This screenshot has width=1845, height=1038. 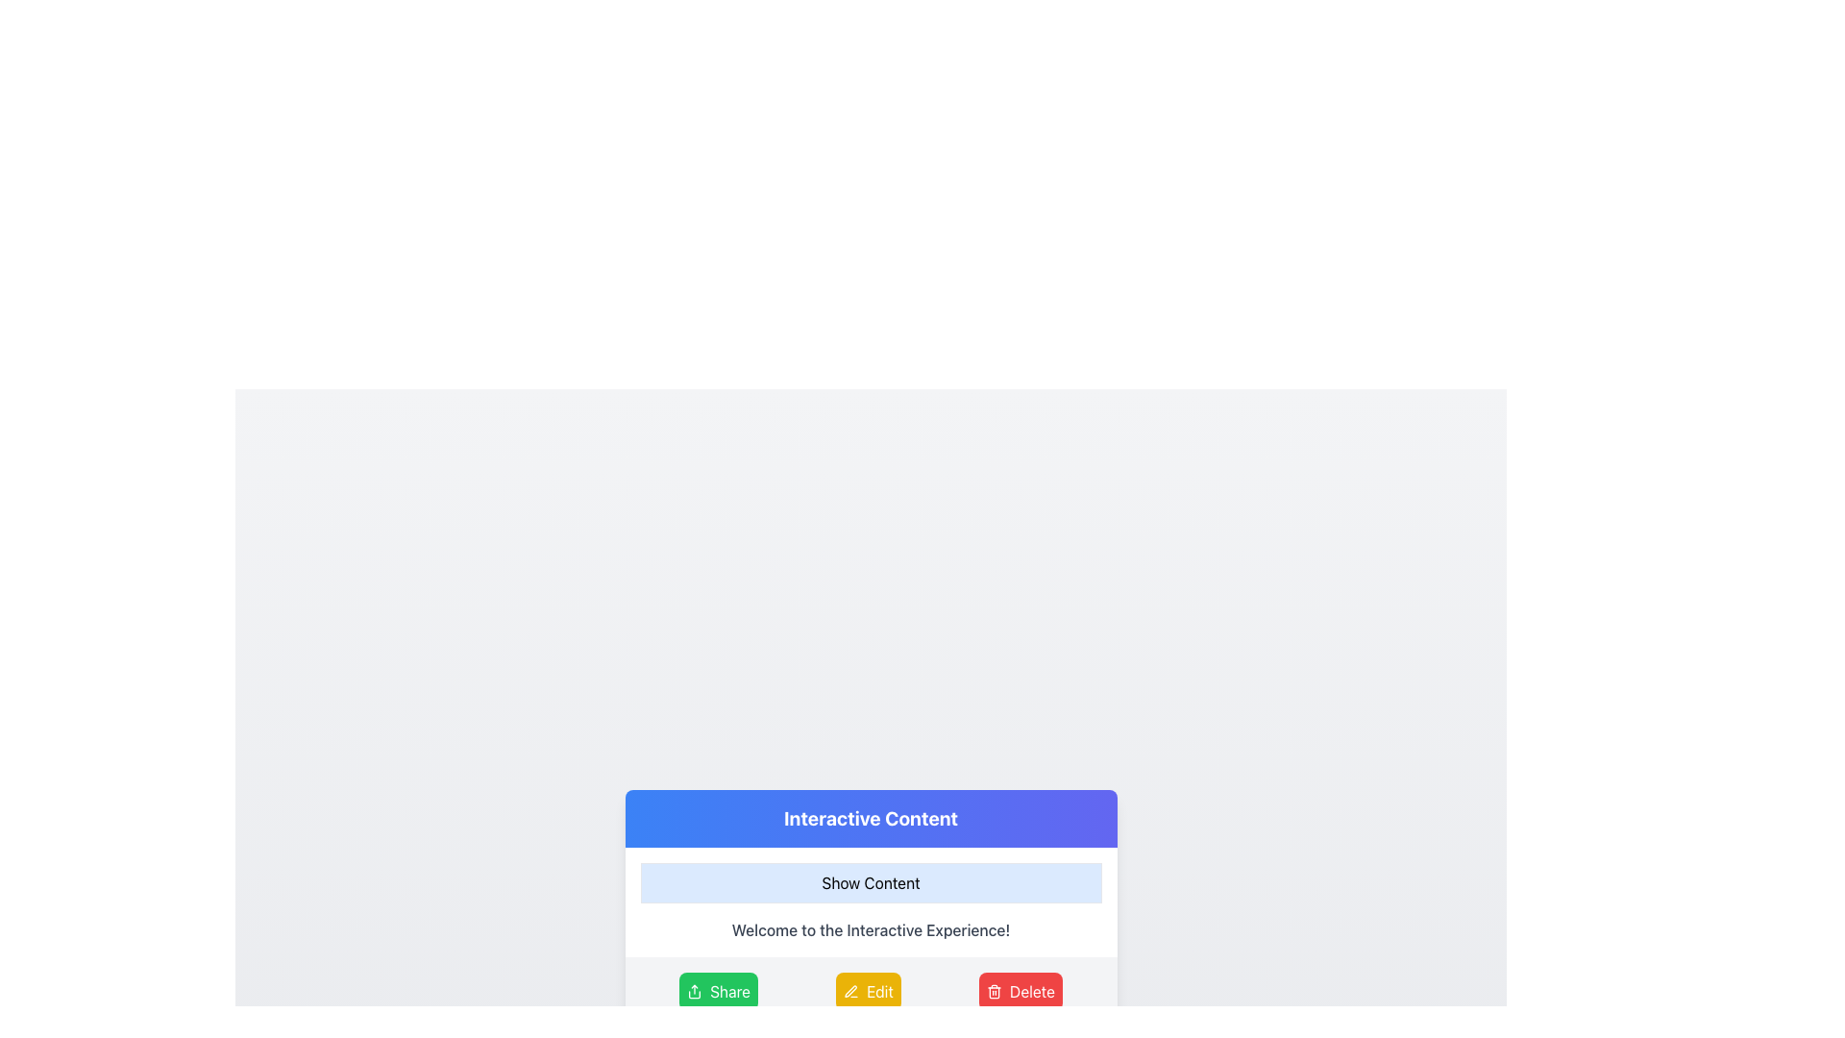 I want to click on the text element that displays 'Welcome to the Interactive Experience!' which is styled with a medium font weight and gray color, located below the 'Show Content' box, so click(x=870, y=929).